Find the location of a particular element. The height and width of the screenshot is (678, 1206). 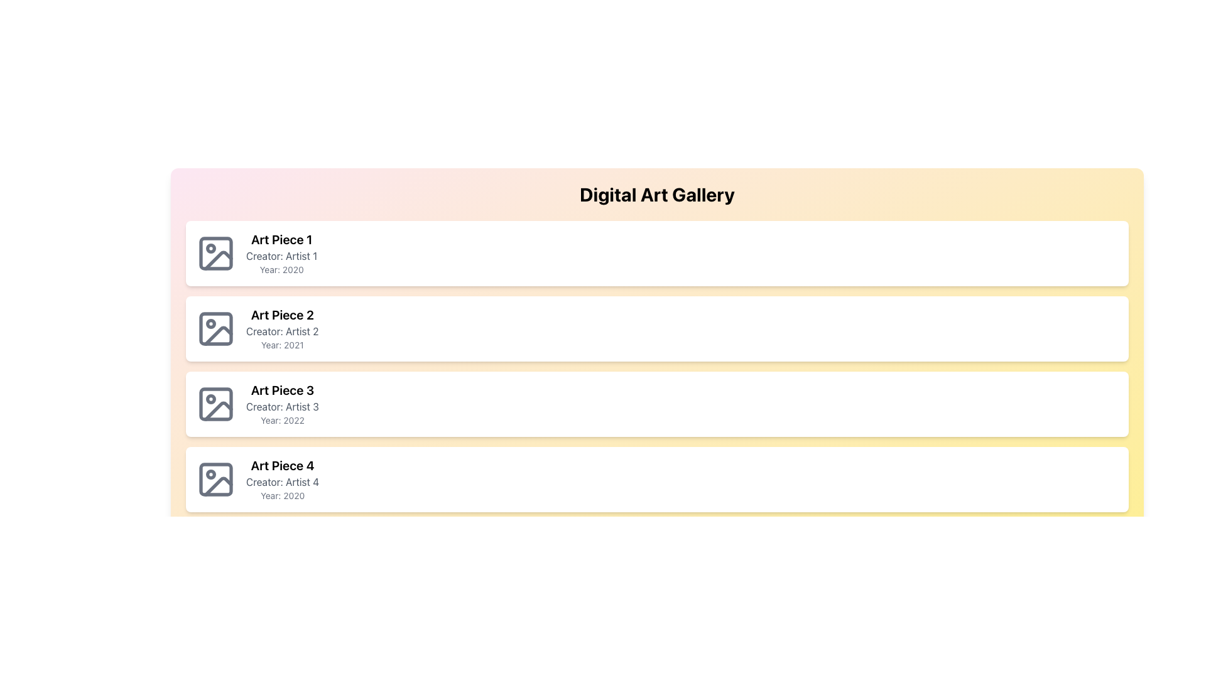

displayed text from the text block titled 'Art Piece 3', which includes the creator and year information is located at coordinates (281, 404).